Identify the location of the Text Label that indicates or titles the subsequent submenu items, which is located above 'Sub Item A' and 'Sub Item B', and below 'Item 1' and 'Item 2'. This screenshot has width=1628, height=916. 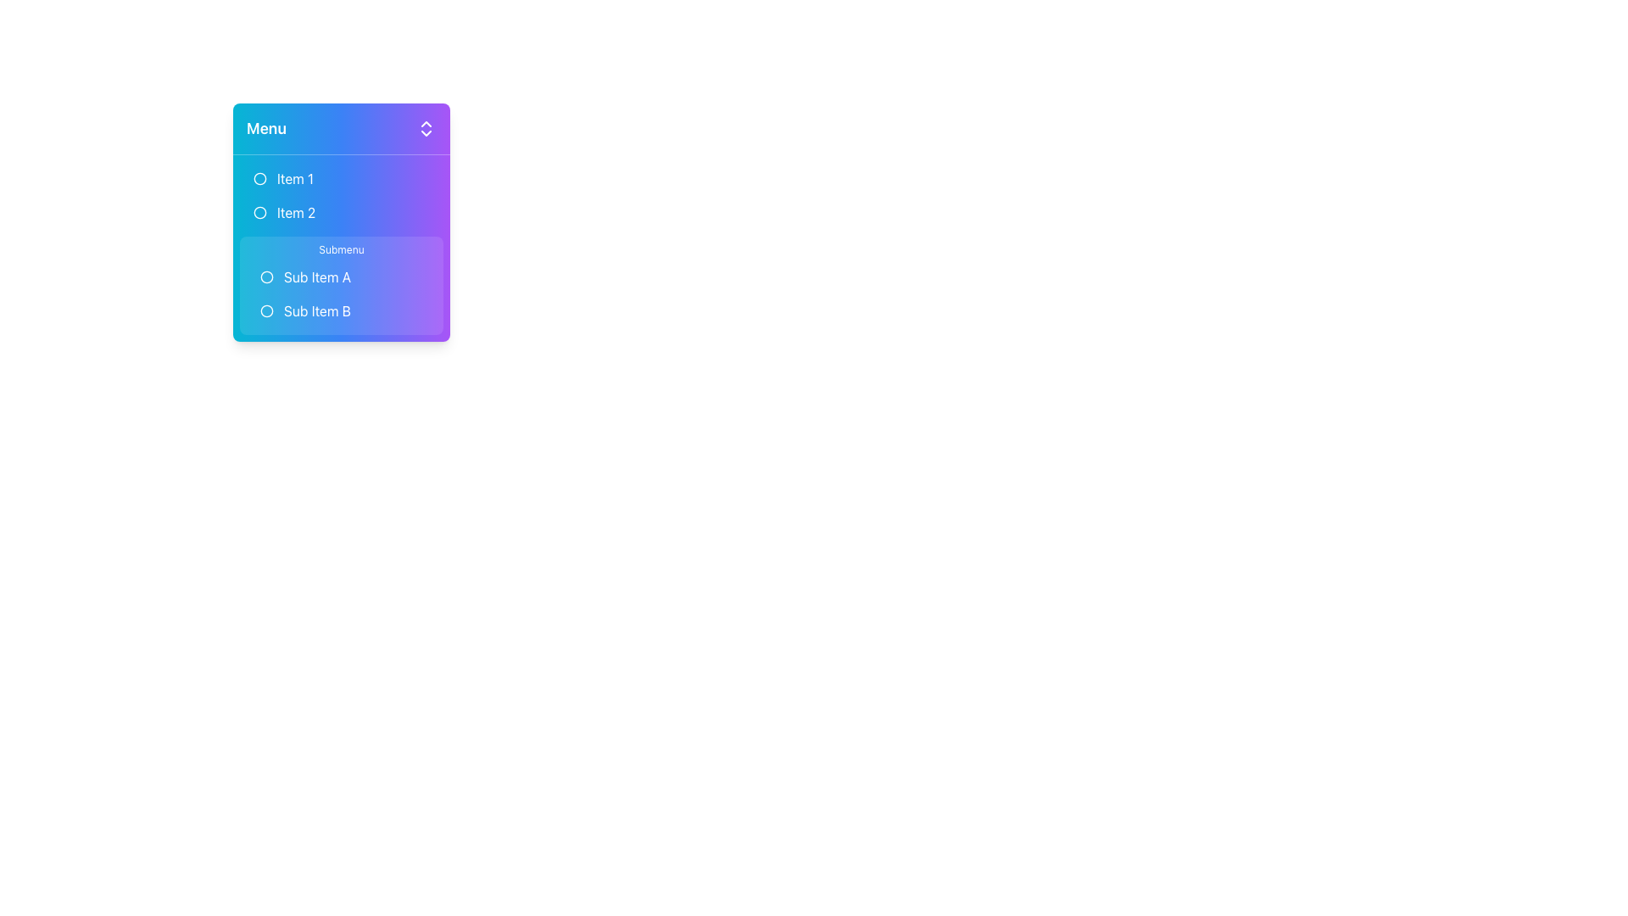
(341, 249).